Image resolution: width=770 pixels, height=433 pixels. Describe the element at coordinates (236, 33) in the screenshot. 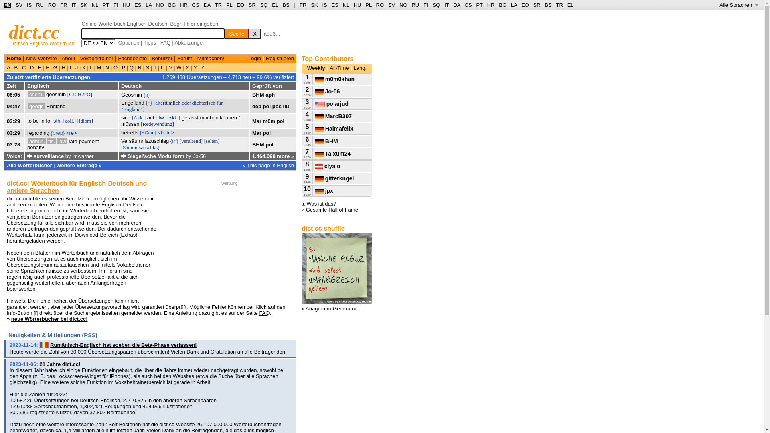

I see `'Suche'` at that location.